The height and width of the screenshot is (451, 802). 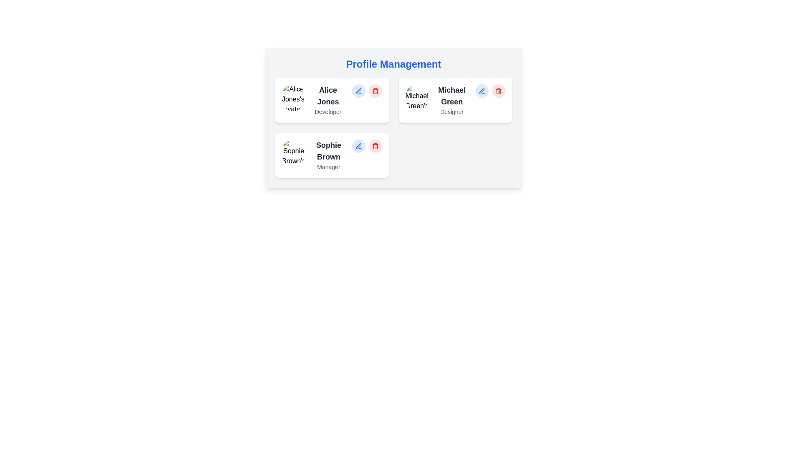 I want to click on text display that shows the name and job title of the user, located in the upper-left quadrant of the Profile Management section, beside the avatar image, so click(x=327, y=99).